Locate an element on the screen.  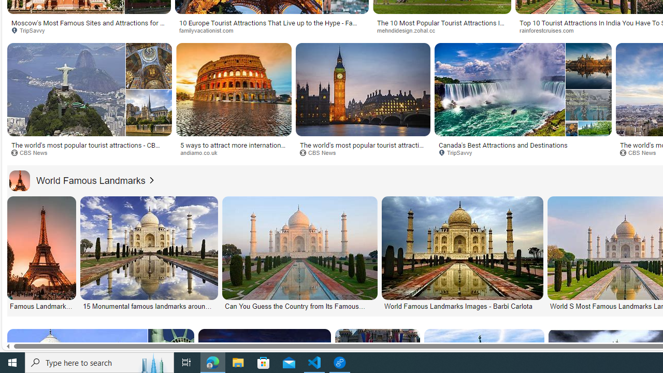
'familyvacationist.com' is located at coordinates (271, 30).